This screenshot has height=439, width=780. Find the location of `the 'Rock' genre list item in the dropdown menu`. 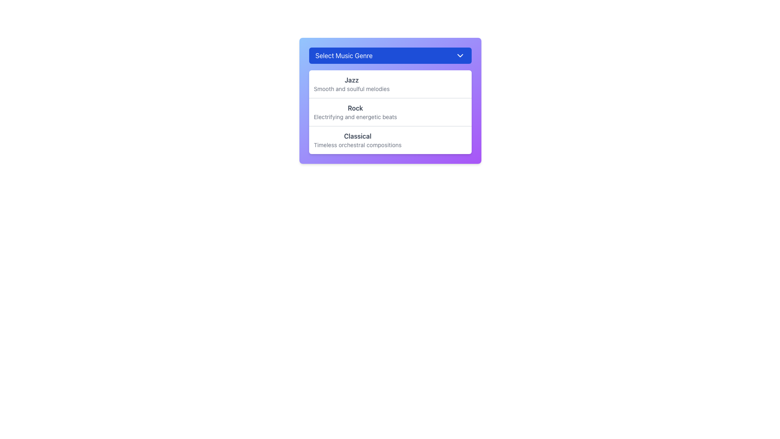

the 'Rock' genre list item in the dropdown menu is located at coordinates (390, 112).